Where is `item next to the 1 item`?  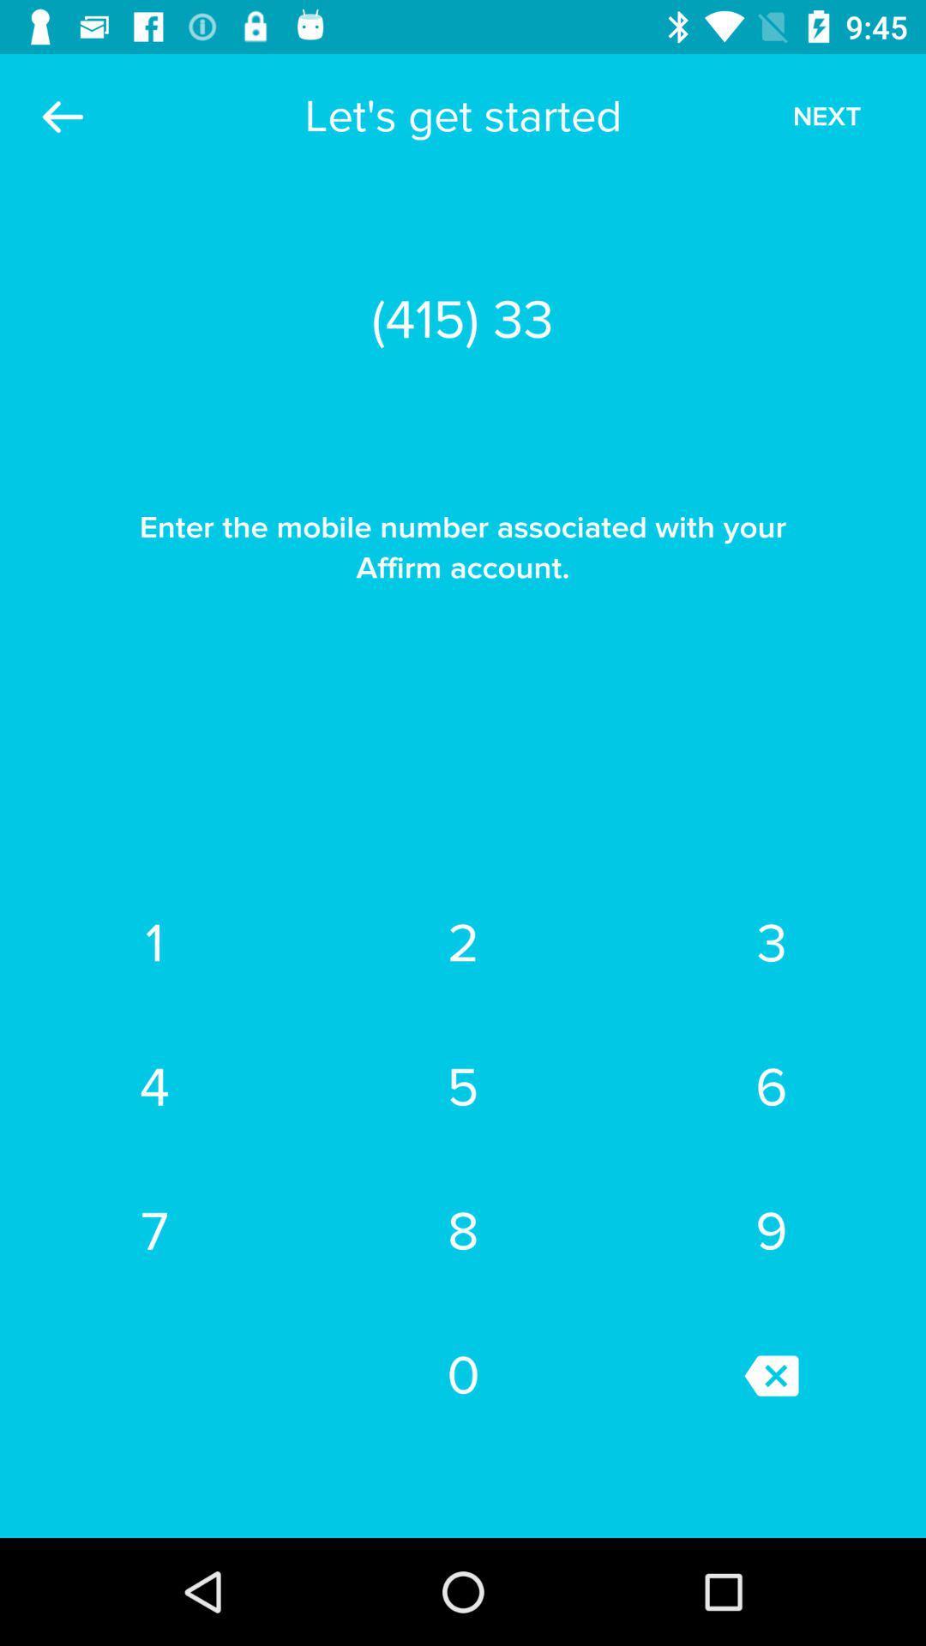 item next to the 1 item is located at coordinates (463, 942).